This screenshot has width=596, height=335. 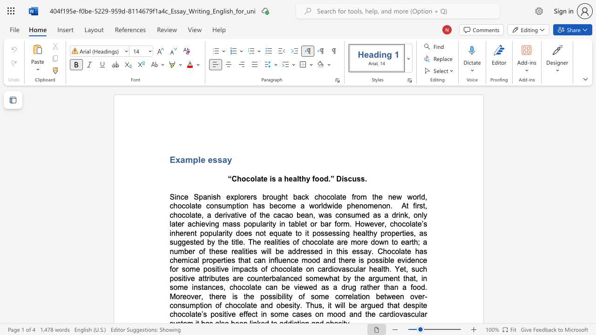 What do you see at coordinates (316, 233) in the screenshot?
I see `the subset text "ossessing" within the text "possessing"` at bounding box center [316, 233].